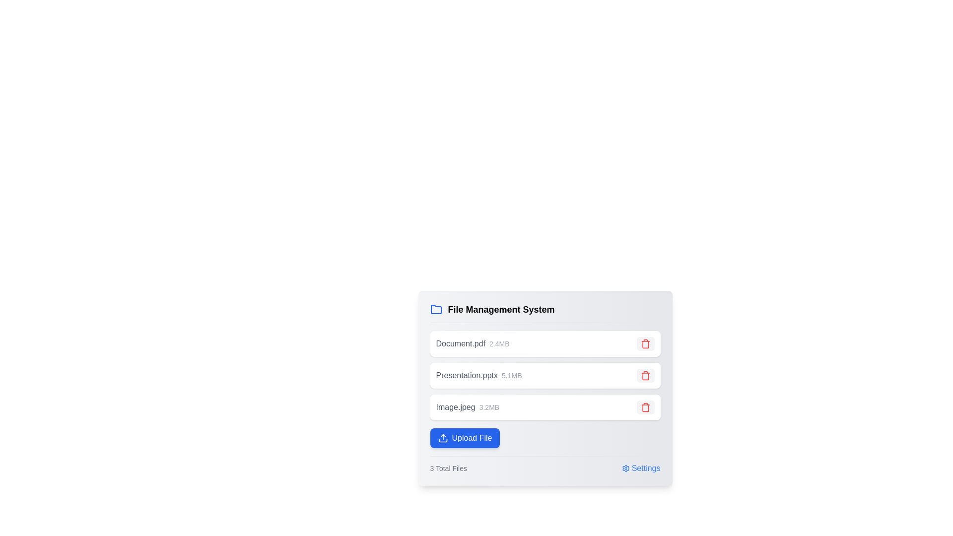 The height and width of the screenshot is (536, 953). What do you see at coordinates (467, 407) in the screenshot?
I see `the textual display component that shows the filename 'Image.jpeg' and its size '3.2MB', which is the third item` at bounding box center [467, 407].